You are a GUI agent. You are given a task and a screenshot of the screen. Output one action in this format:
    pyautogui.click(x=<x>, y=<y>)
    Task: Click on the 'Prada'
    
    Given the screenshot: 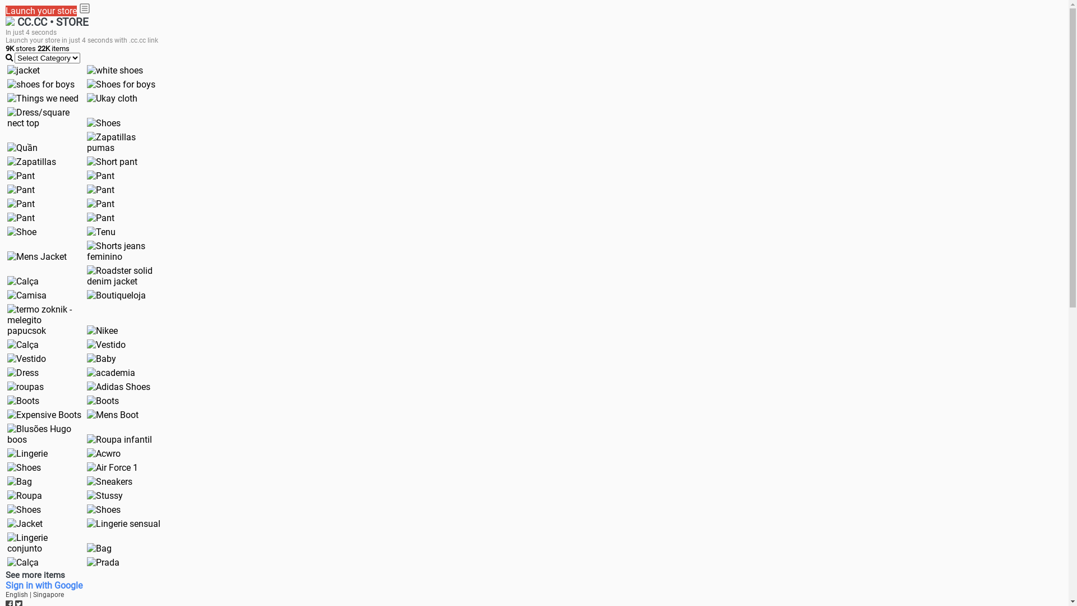 What is the action you would take?
    pyautogui.click(x=103, y=562)
    